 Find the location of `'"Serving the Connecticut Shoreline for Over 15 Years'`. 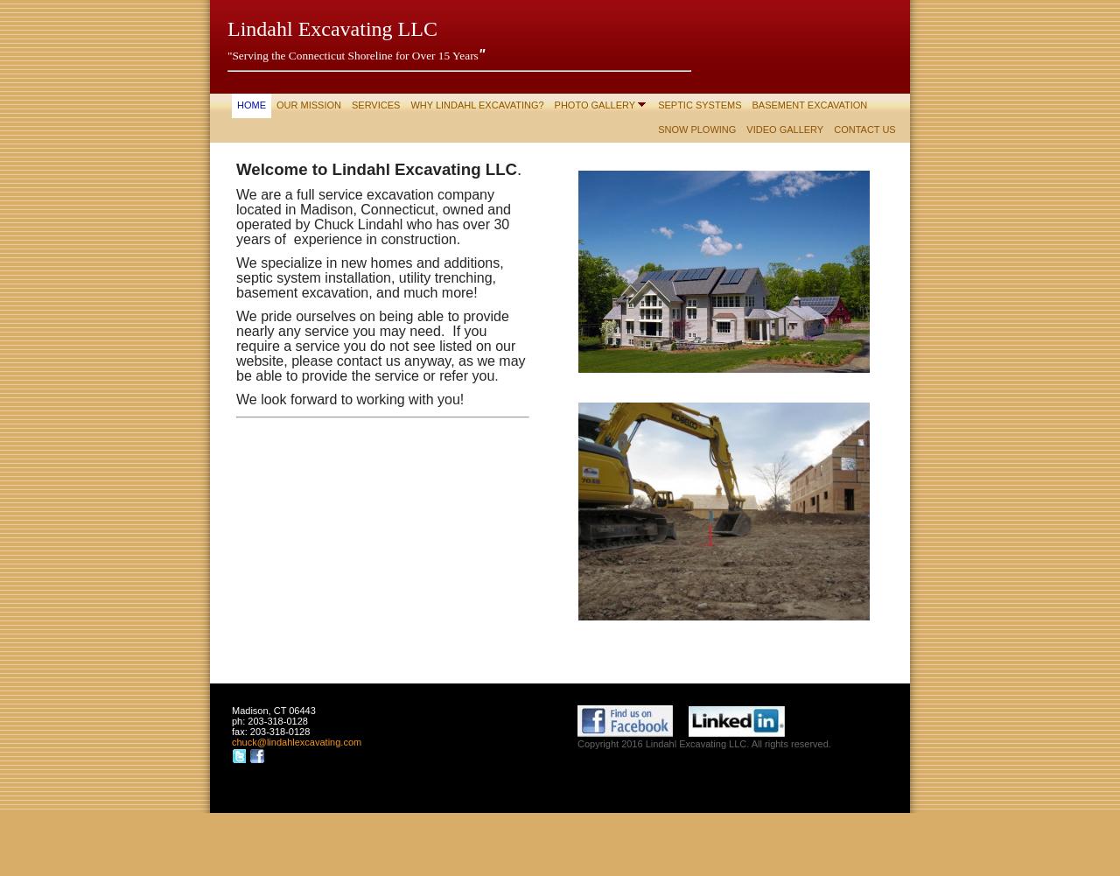

'"Serving the Connecticut Shoreline for Over 15 Years' is located at coordinates (226, 55).